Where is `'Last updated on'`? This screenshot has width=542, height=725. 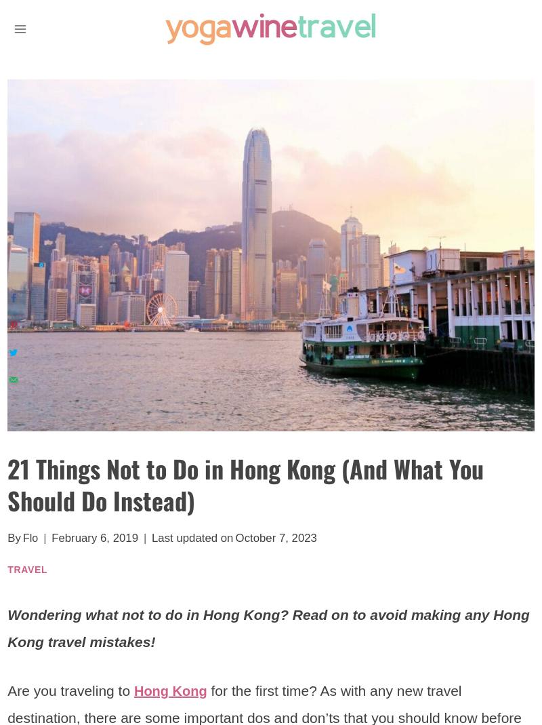
'Last updated on' is located at coordinates (193, 538).